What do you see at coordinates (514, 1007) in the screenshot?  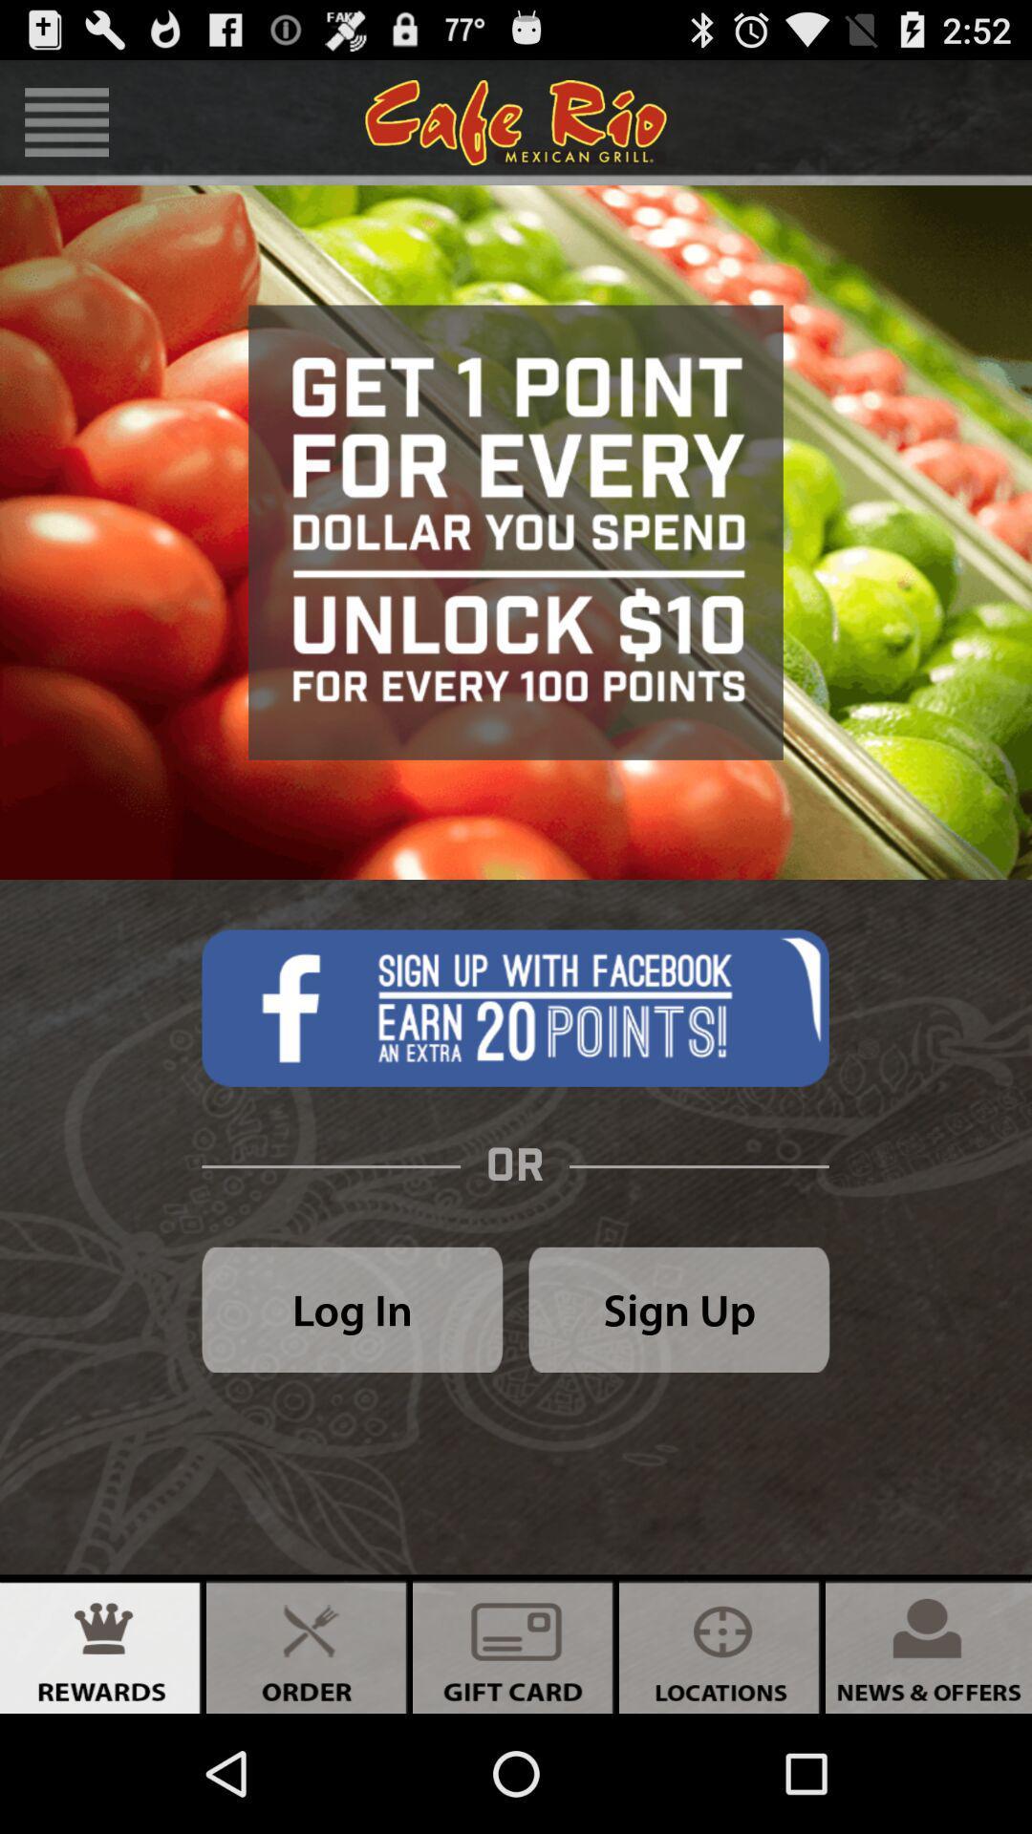 I see `facebook` at bounding box center [514, 1007].